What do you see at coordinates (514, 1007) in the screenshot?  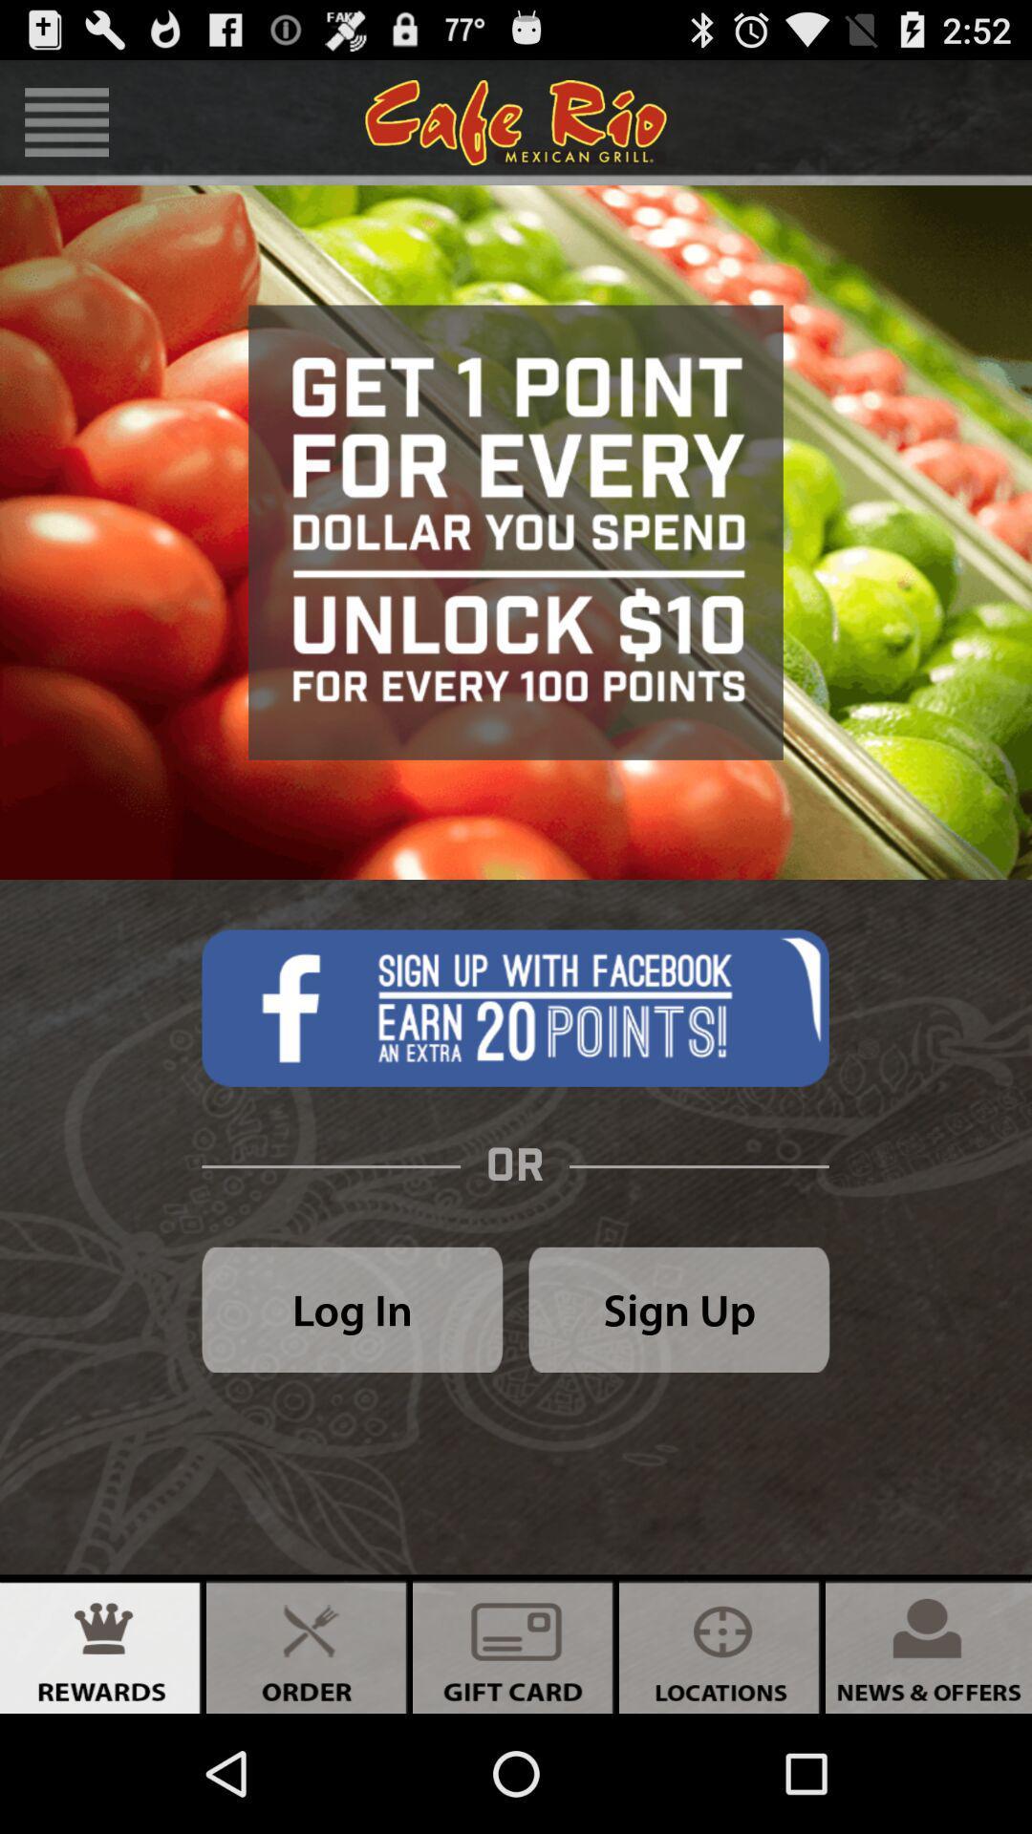 I see `facebook` at bounding box center [514, 1007].